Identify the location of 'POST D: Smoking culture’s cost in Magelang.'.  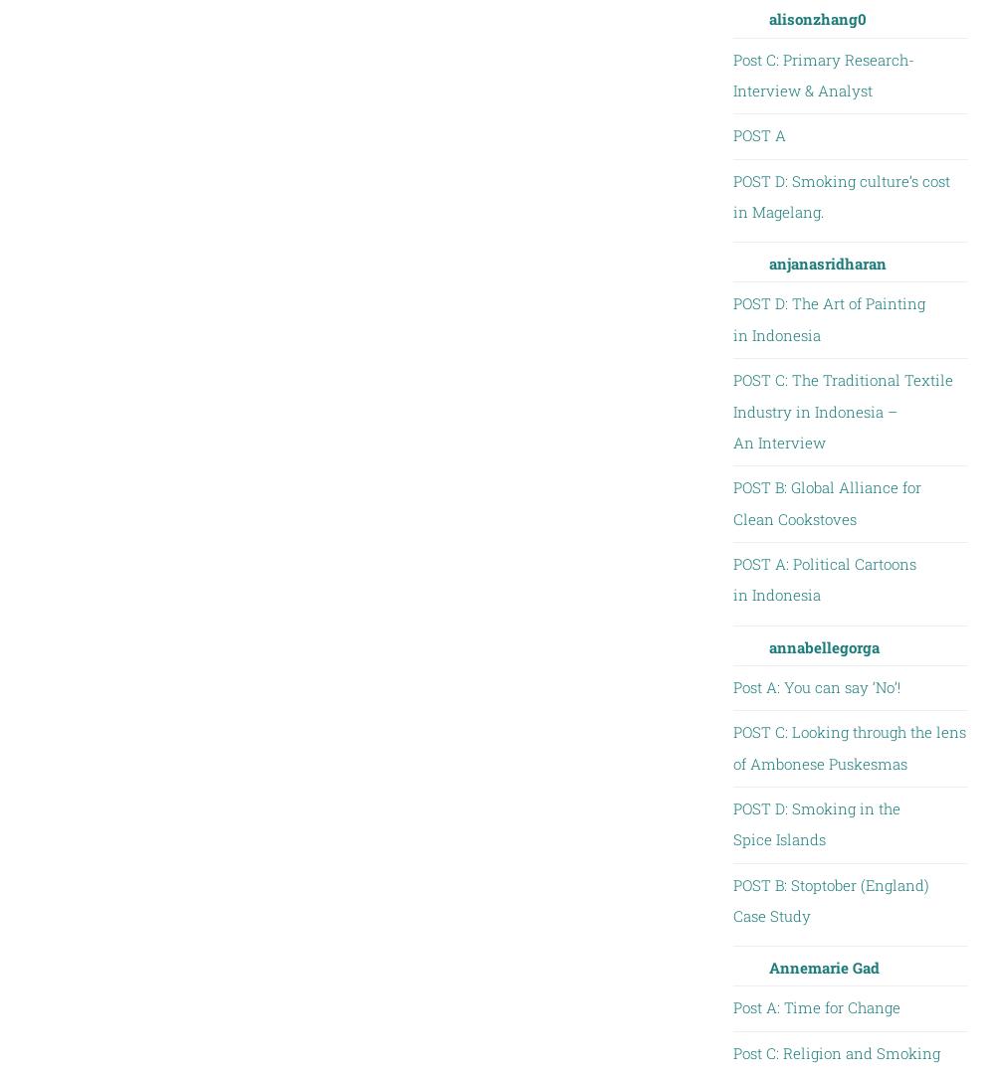
(840, 195).